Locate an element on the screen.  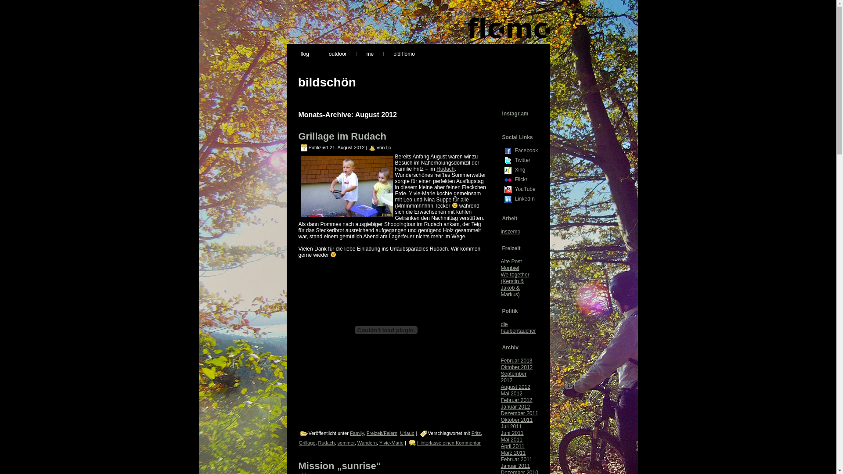
'Fritz' is located at coordinates (476, 433).